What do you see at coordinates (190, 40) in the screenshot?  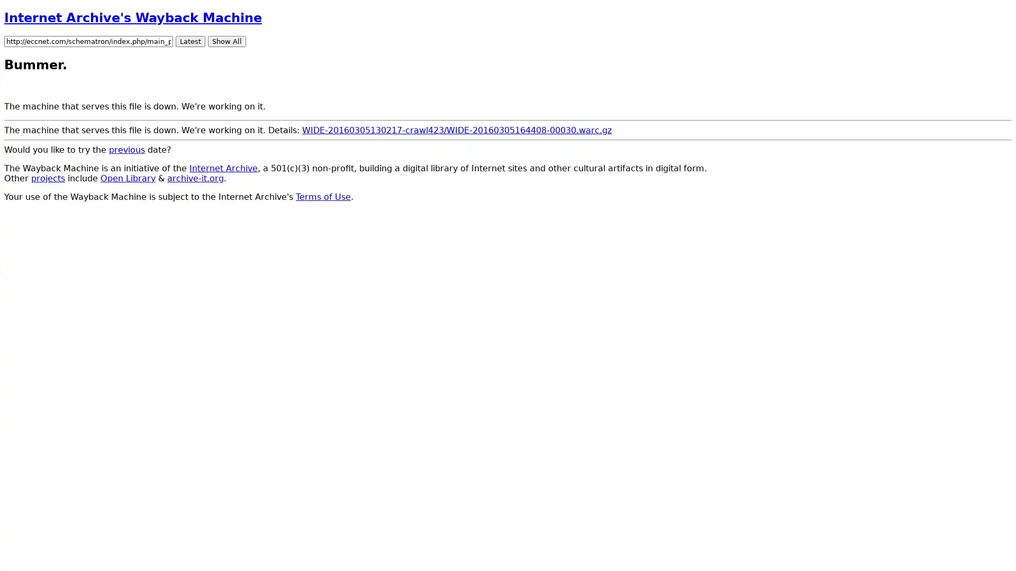 I see `Latest` at bounding box center [190, 40].